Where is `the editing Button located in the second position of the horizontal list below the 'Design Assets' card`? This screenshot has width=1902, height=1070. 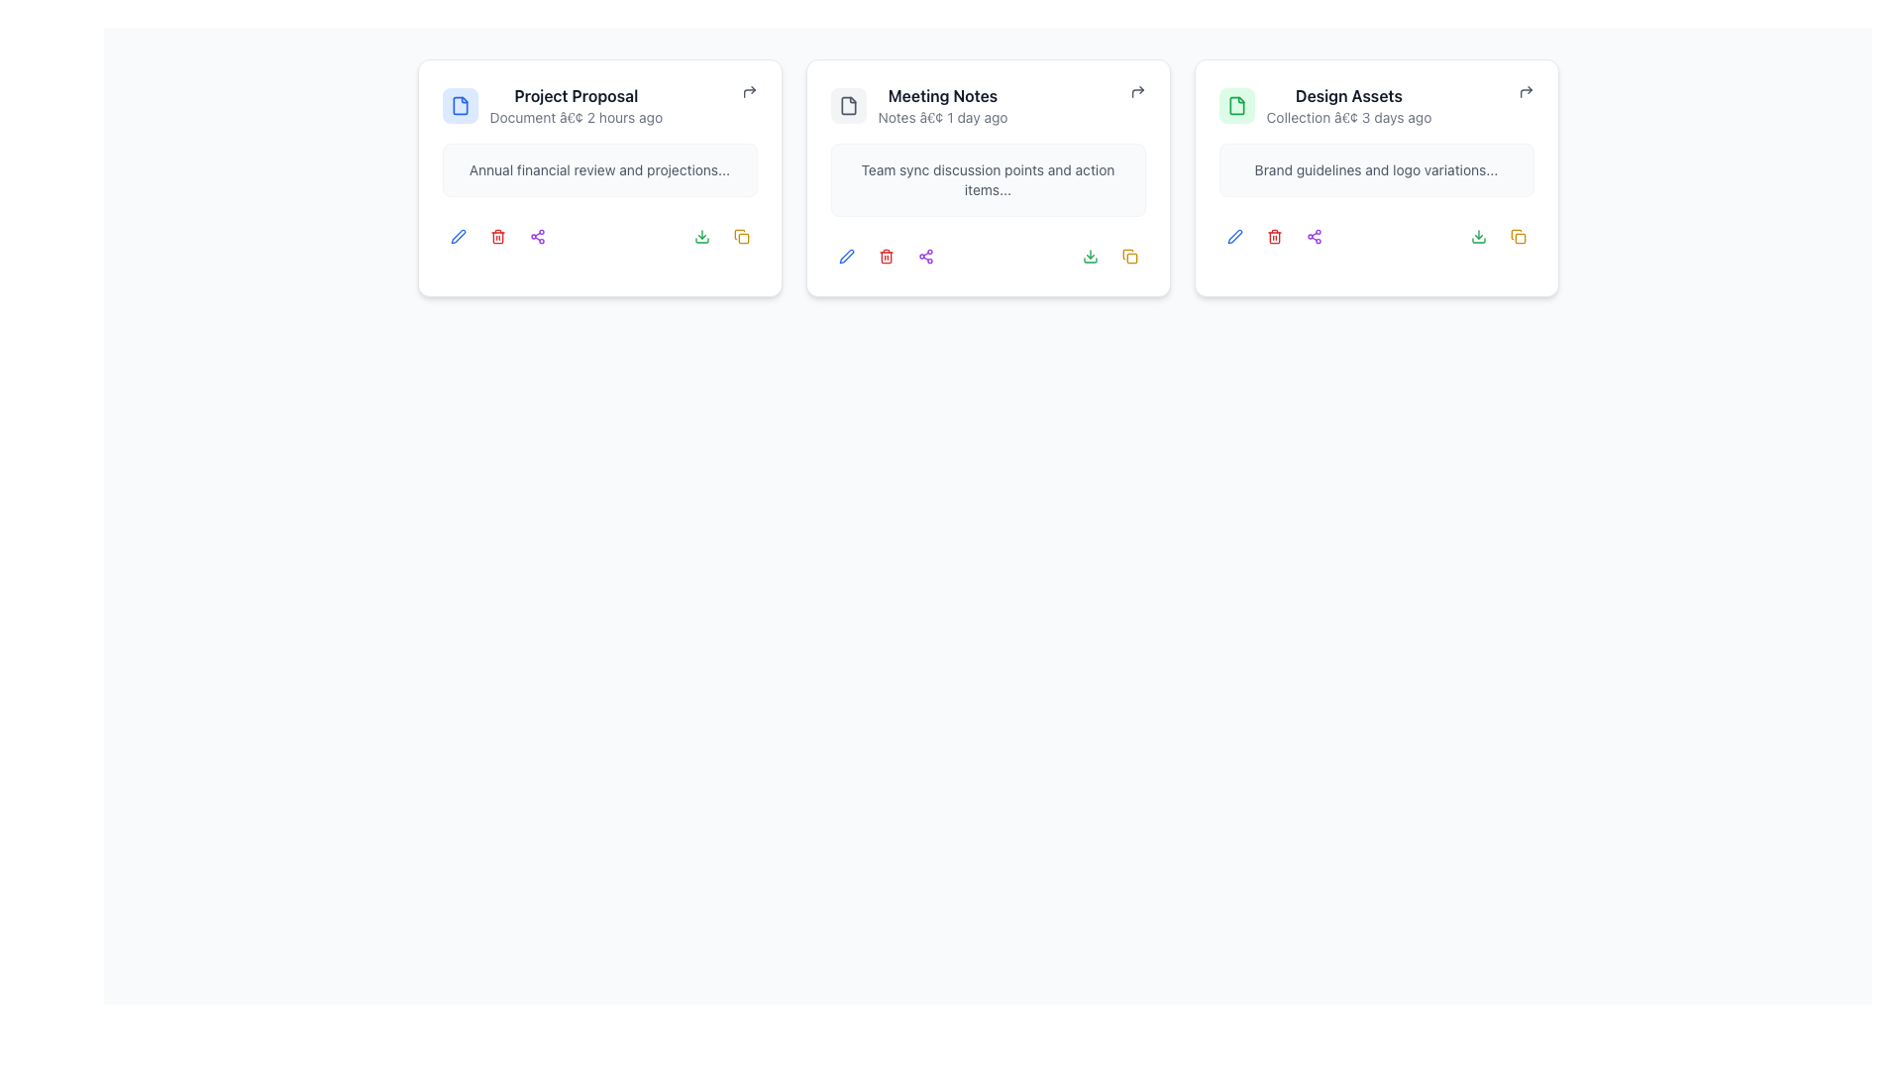 the editing Button located in the second position of the horizontal list below the 'Design Assets' card is located at coordinates (1233, 236).